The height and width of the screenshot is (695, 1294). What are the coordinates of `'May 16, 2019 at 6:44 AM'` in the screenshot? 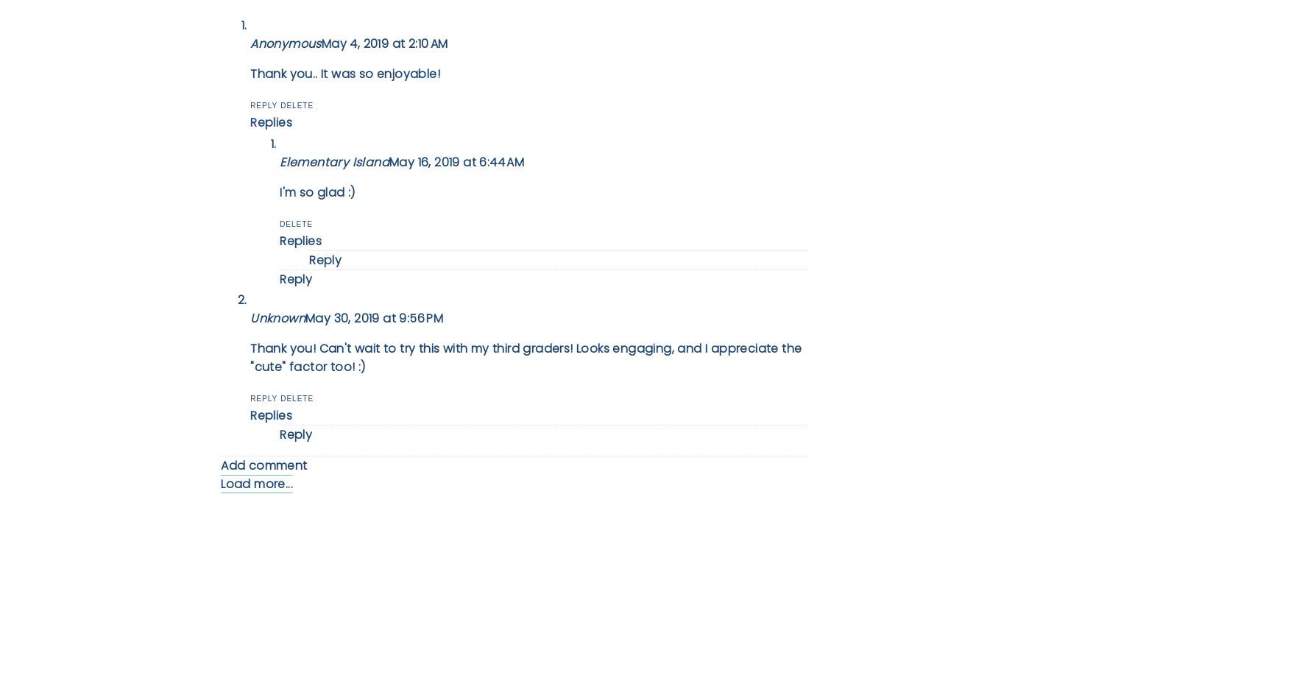 It's located at (456, 160).